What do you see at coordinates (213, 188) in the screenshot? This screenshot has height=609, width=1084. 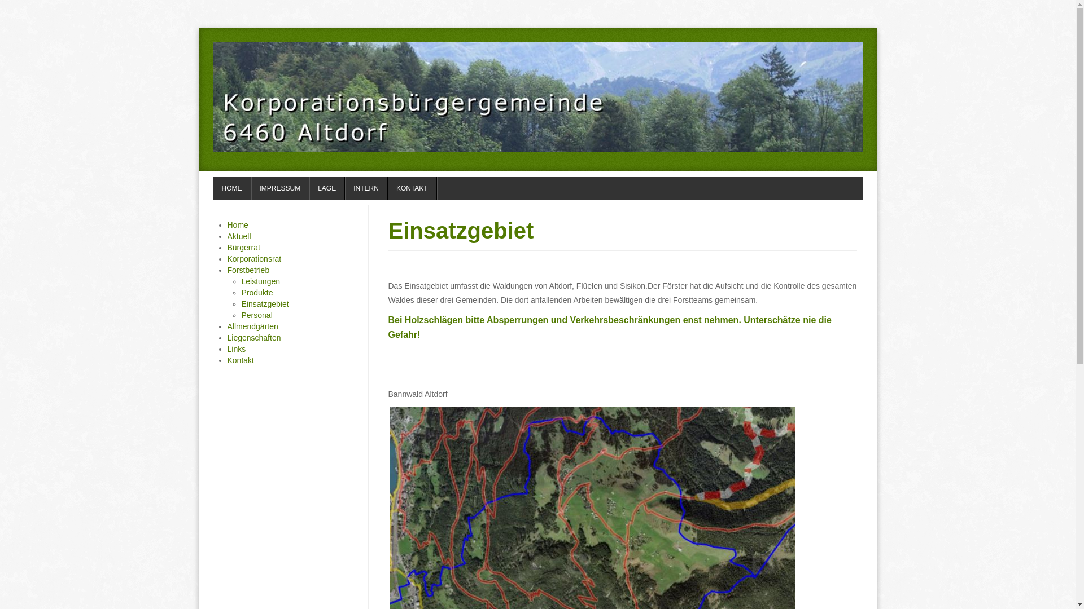 I see `'HOME'` at bounding box center [213, 188].